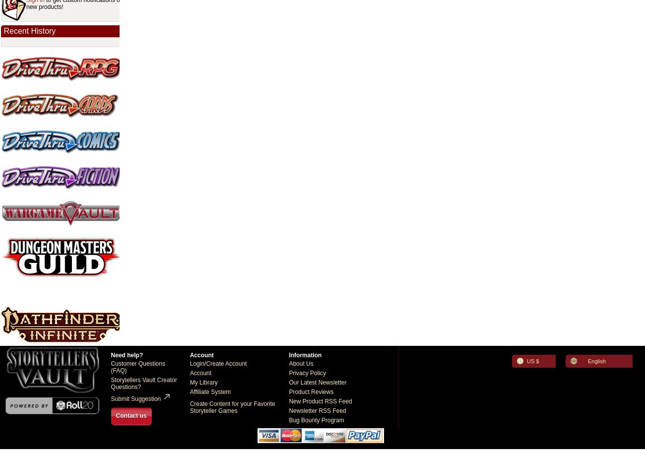  What do you see at coordinates (288, 401) in the screenshot?
I see `'New Product RSS Feed'` at bounding box center [288, 401].